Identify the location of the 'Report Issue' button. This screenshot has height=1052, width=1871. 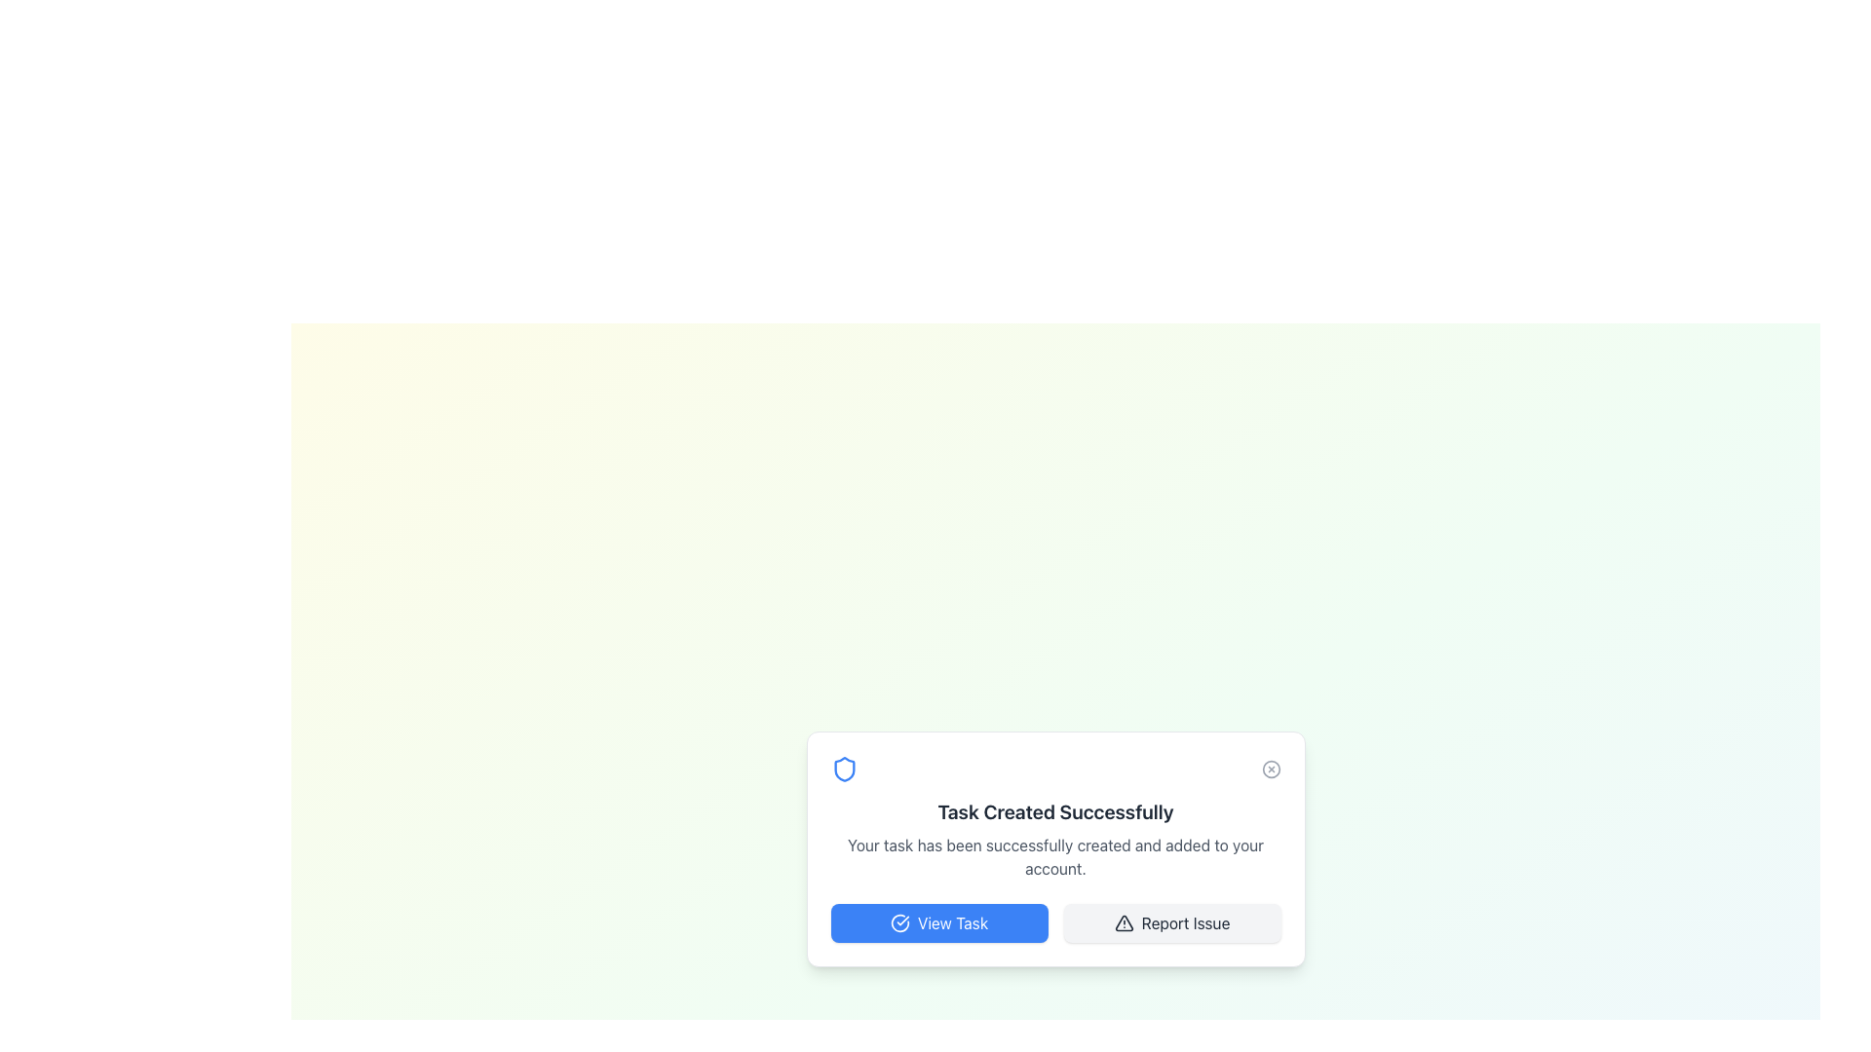
(1171, 922).